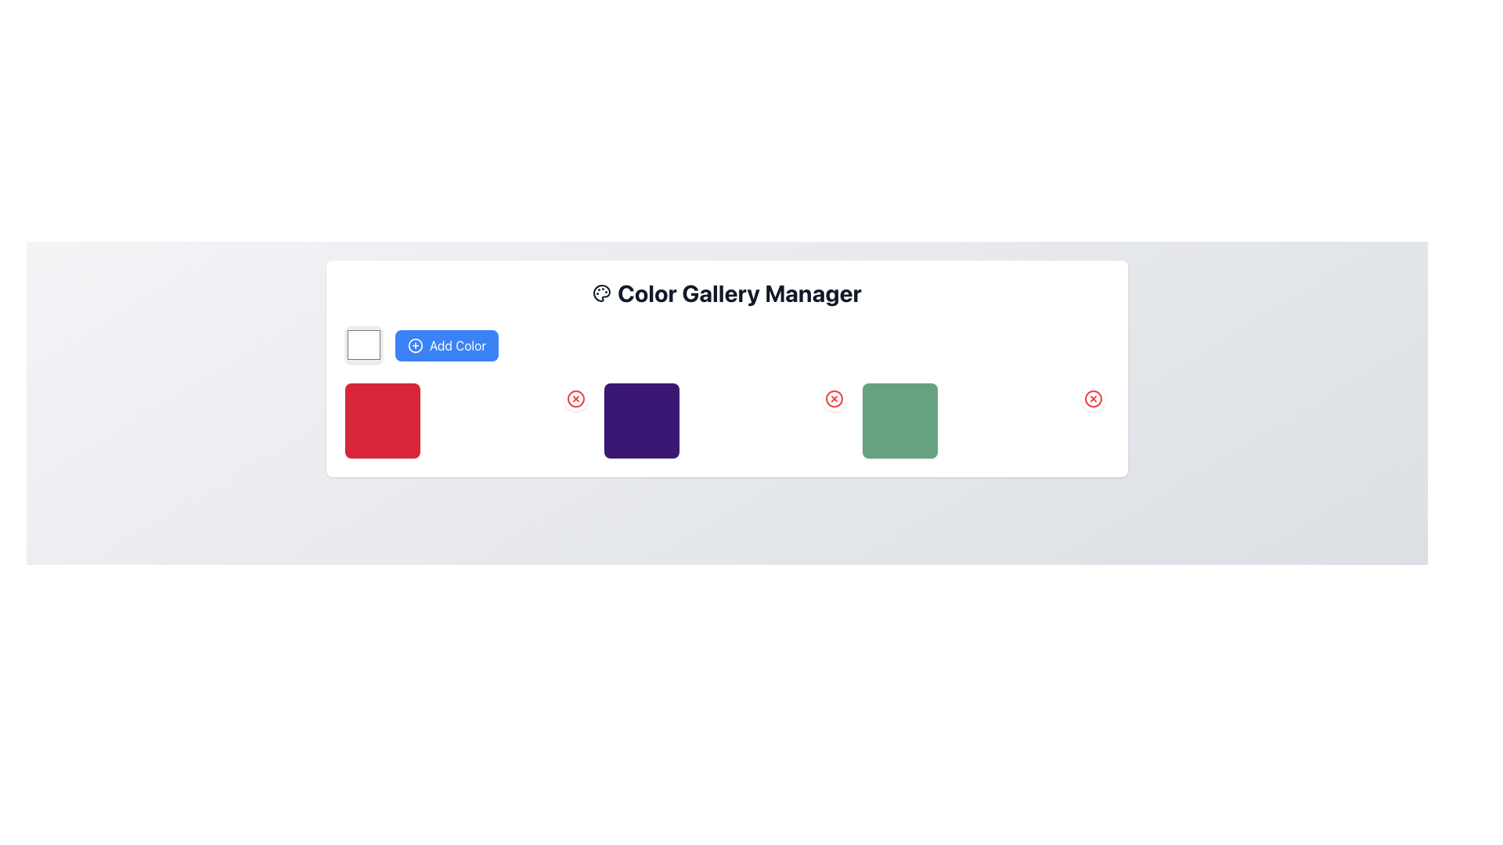 This screenshot has width=1503, height=845. What do you see at coordinates (383, 419) in the screenshot?
I see `the leftmost red square with rounded corners, which is located below the 'Add Color' button` at bounding box center [383, 419].